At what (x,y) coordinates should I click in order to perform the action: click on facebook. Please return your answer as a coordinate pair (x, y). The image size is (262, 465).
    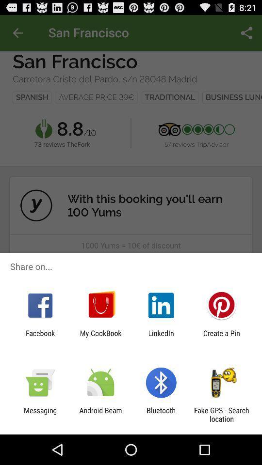
    Looking at the image, I should click on (40, 337).